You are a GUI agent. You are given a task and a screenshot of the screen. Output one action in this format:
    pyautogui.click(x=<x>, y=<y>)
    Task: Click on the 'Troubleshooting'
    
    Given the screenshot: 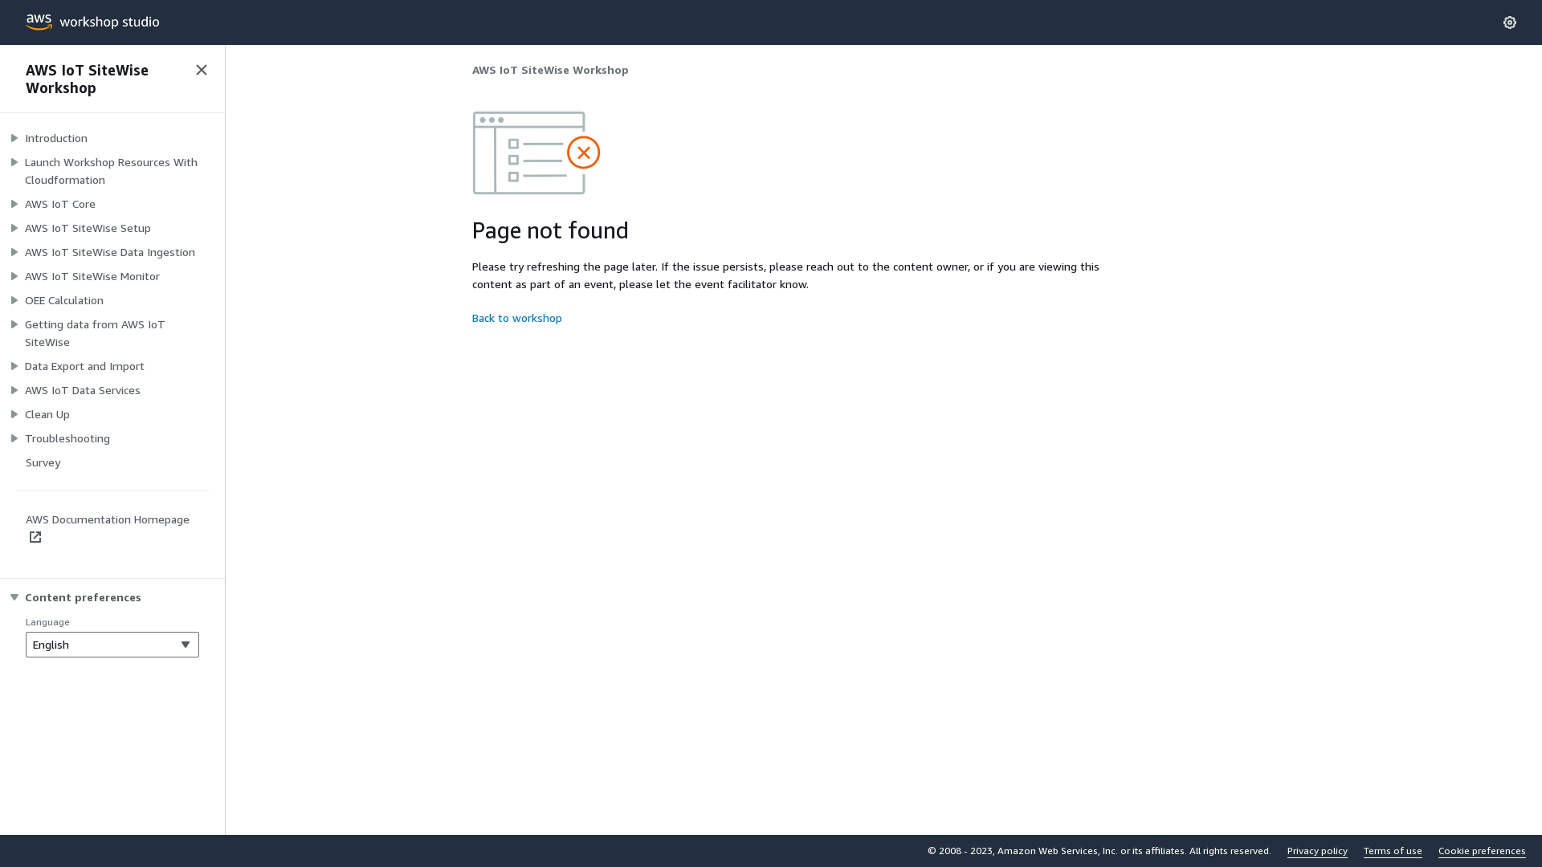 What is the action you would take?
    pyautogui.click(x=66, y=438)
    